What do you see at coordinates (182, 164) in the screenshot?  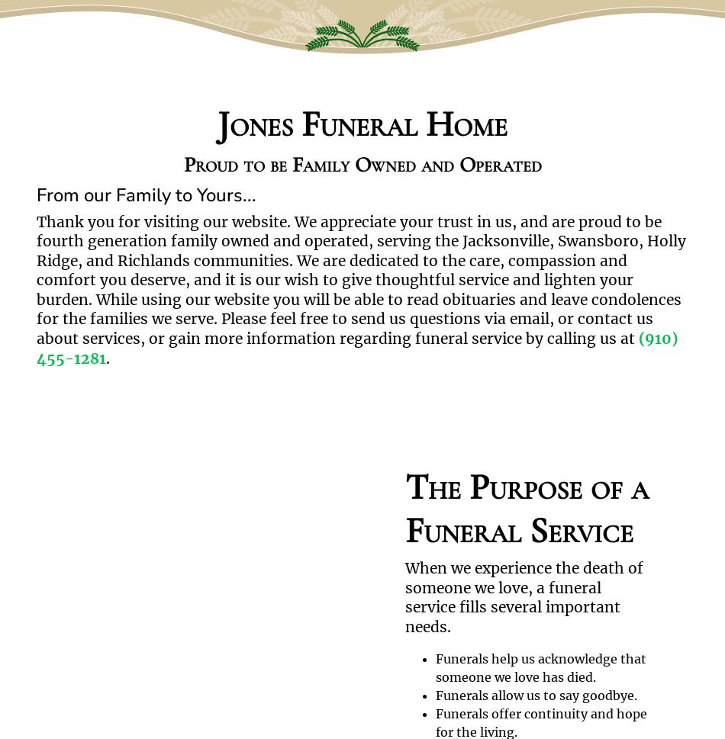 I see `'Proud to be Family Owned and Operated'` at bounding box center [182, 164].